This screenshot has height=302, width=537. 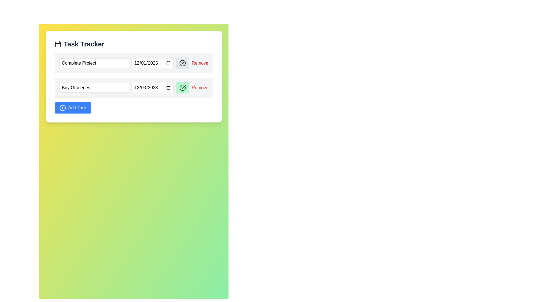 What do you see at coordinates (200, 63) in the screenshot?
I see `the bold red 'Remove' button located at the right end of the topmost task row` at bounding box center [200, 63].